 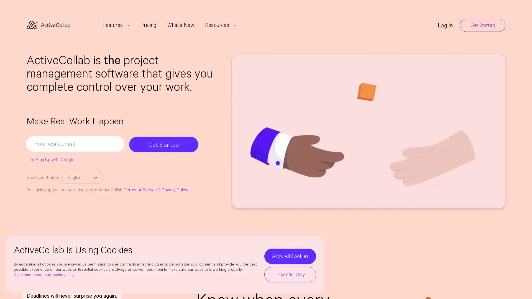 I want to click on Get Started, so click(x=165, y=144).